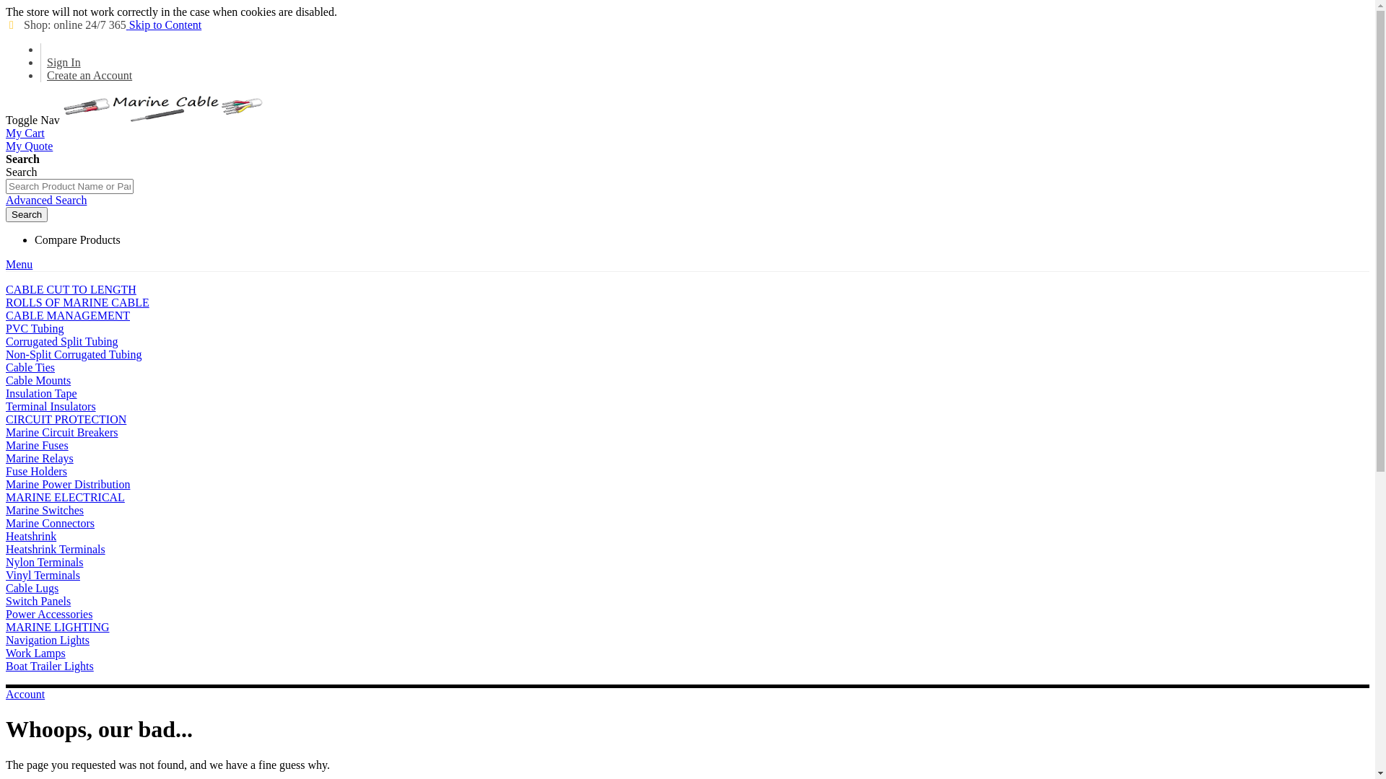  What do you see at coordinates (25, 133) in the screenshot?
I see `'My Cart'` at bounding box center [25, 133].